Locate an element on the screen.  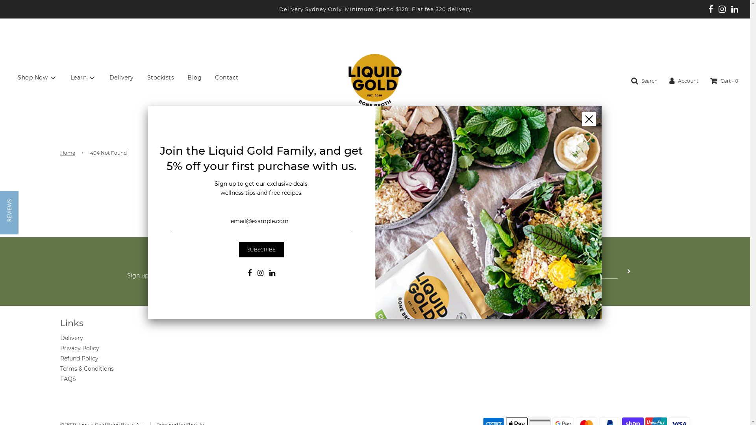
'Learn' is located at coordinates (83, 78).